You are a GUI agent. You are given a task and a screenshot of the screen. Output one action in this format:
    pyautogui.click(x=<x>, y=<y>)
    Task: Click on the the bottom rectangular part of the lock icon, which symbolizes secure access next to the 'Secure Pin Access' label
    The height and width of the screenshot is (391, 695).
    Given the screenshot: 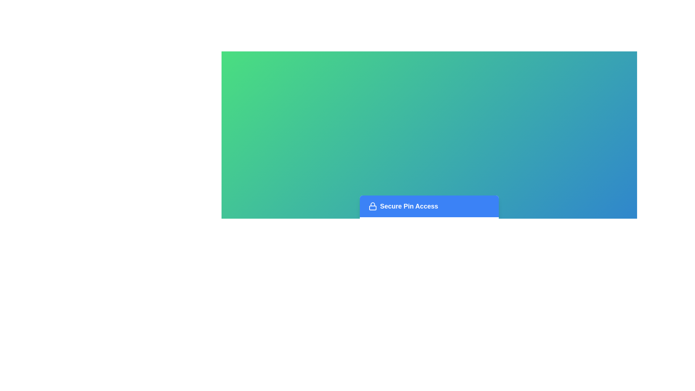 What is the action you would take?
    pyautogui.click(x=373, y=208)
    